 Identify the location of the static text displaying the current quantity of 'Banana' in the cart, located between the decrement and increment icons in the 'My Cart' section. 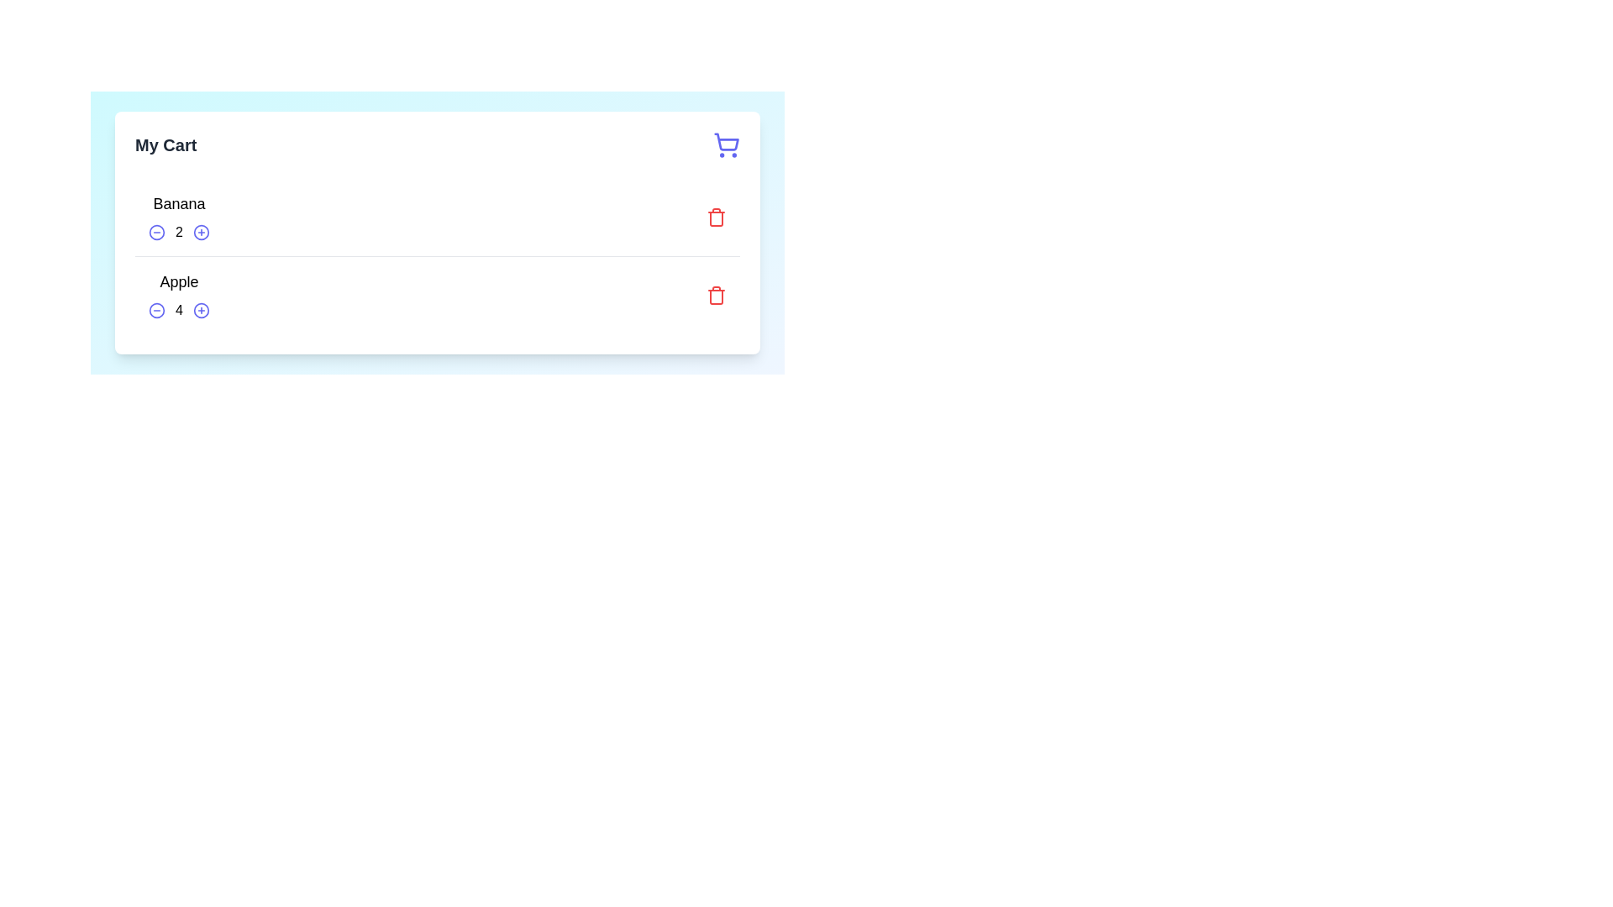
(179, 233).